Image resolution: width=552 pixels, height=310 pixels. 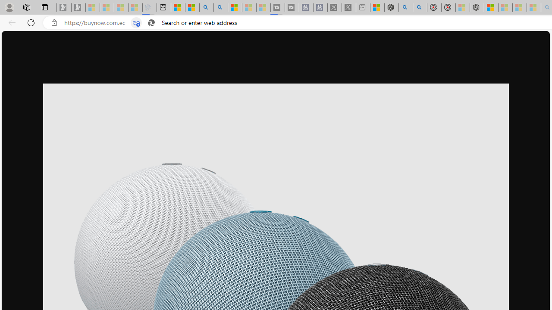 I want to click on 'Back', so click(x=10, y=22).